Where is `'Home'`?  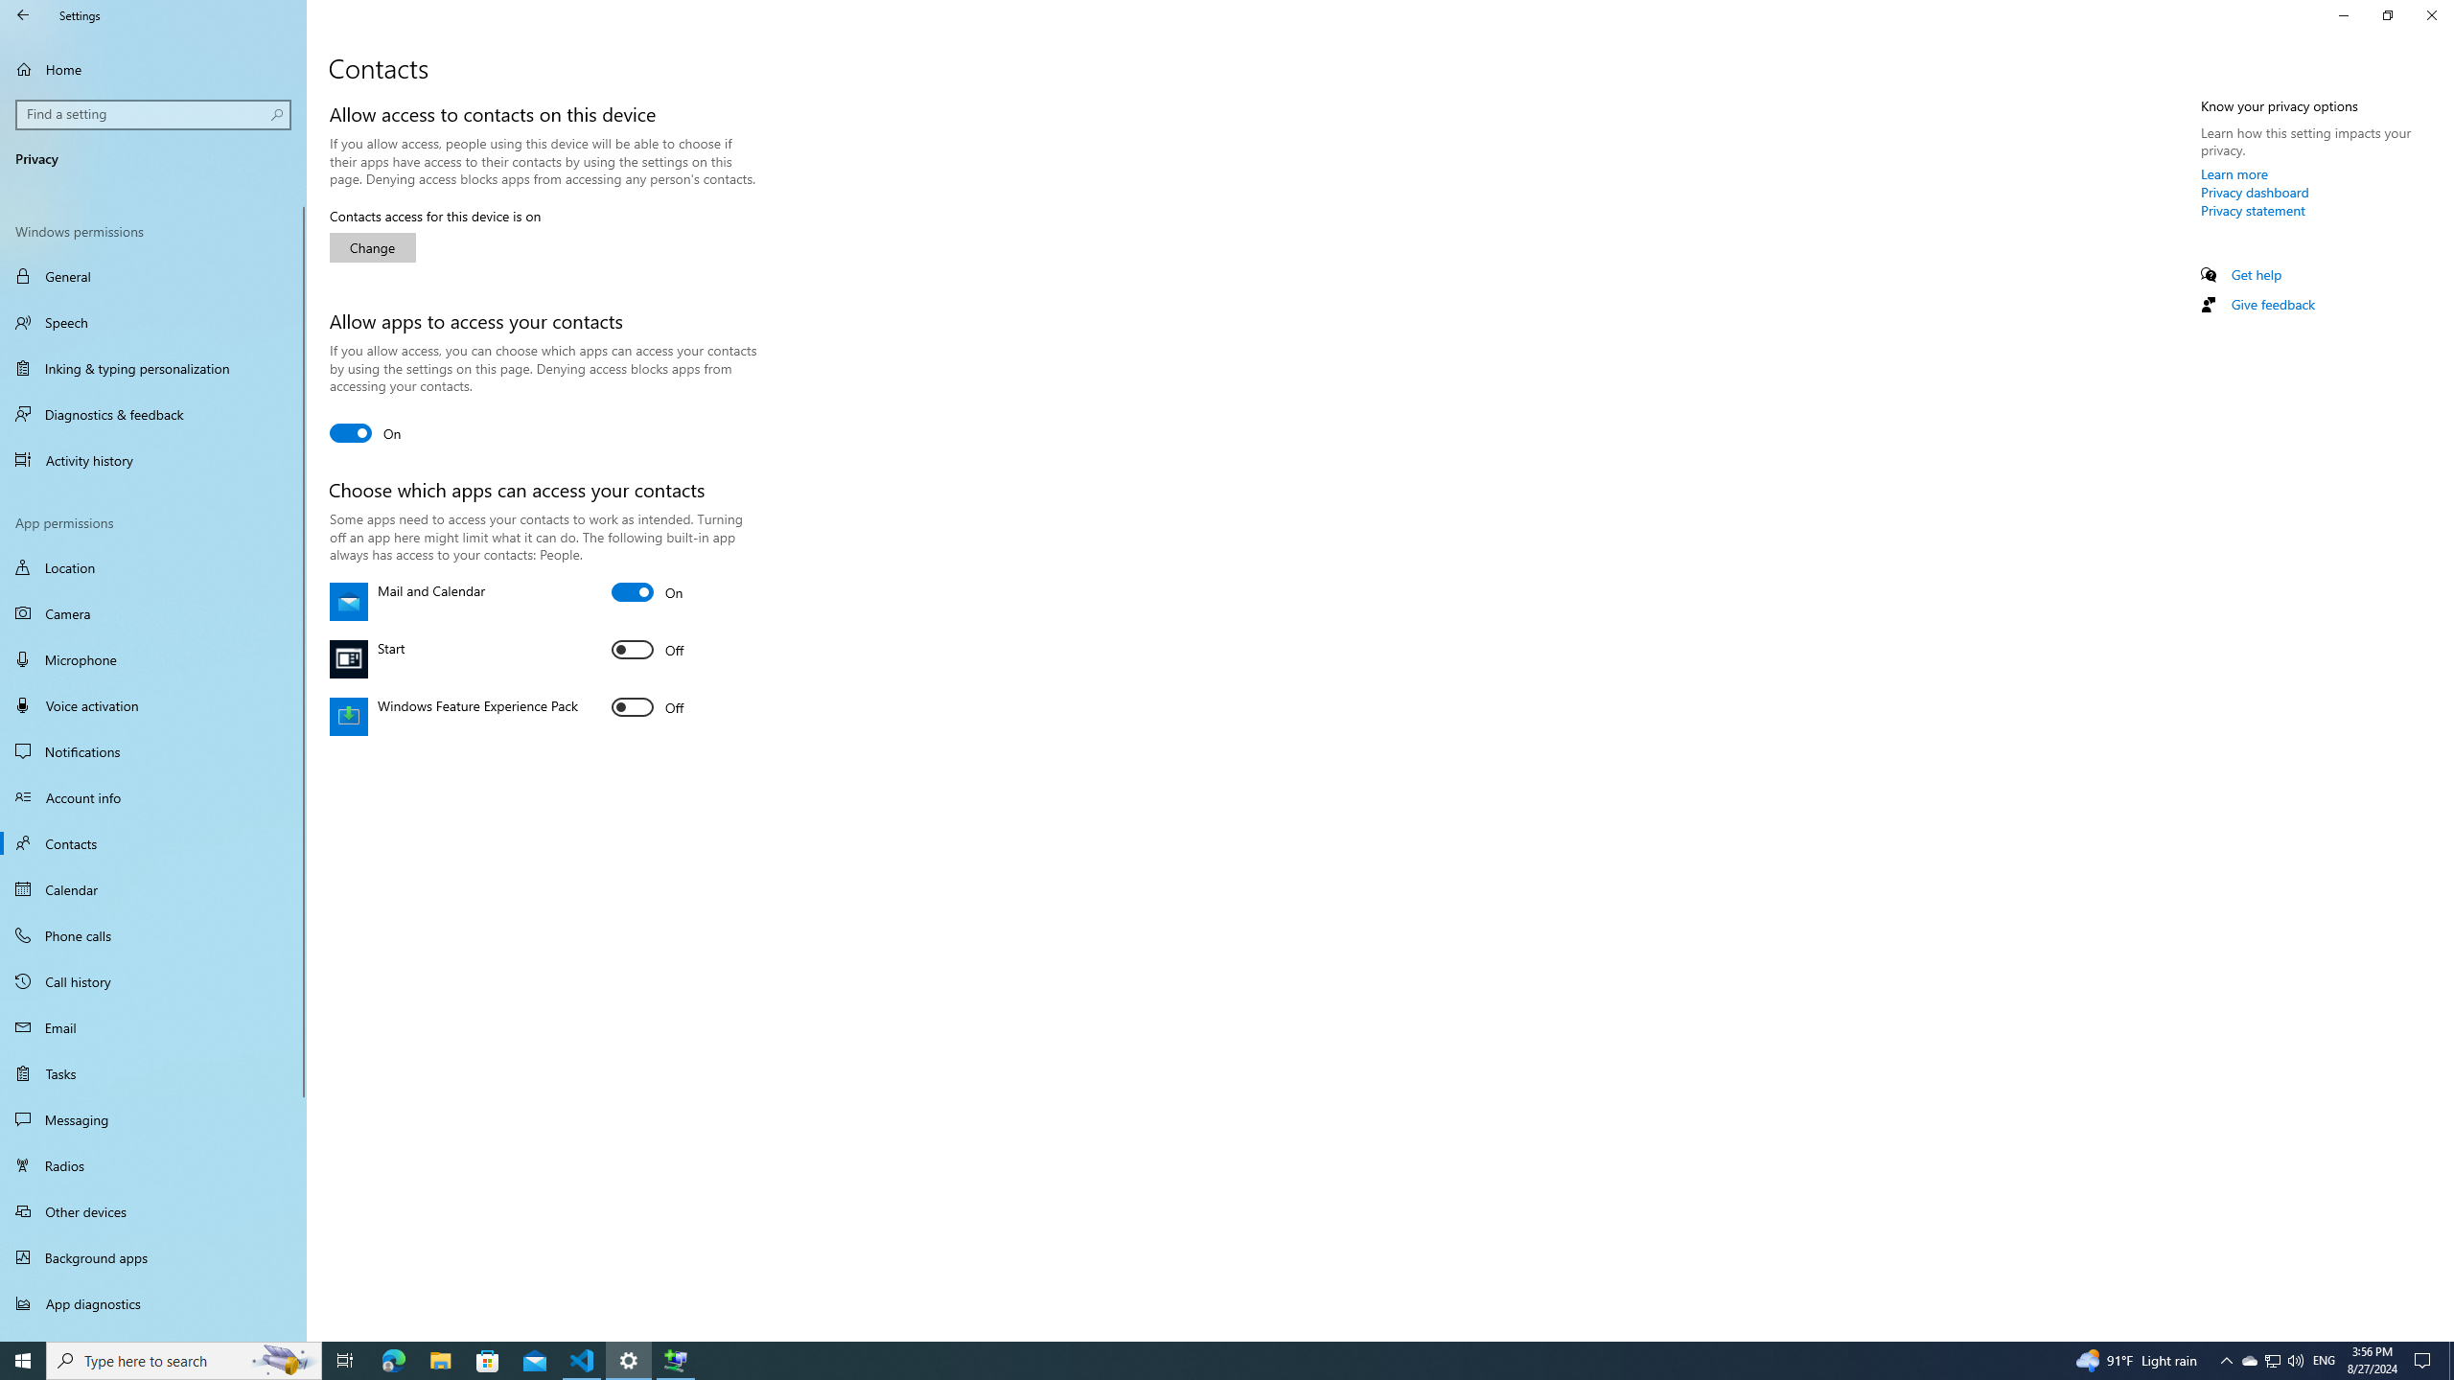 'Home' is located at coordinates (152, 69).